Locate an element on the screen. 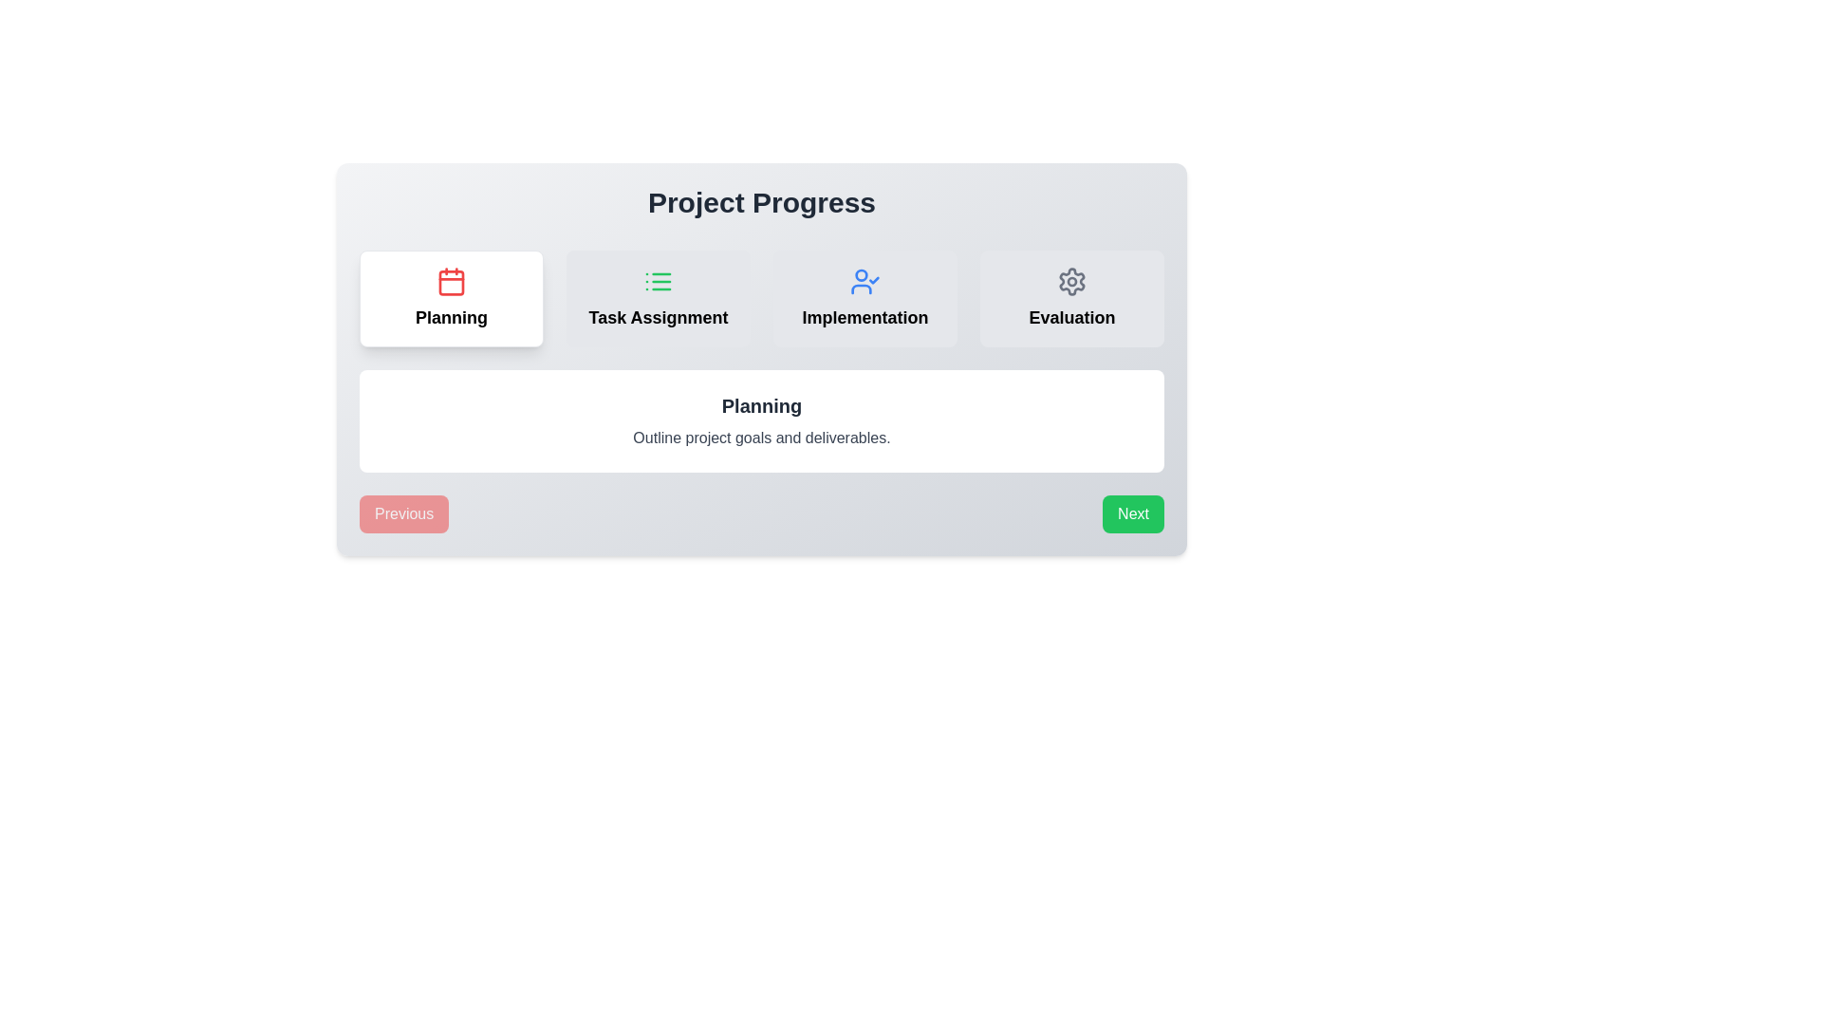 This screenshot has width=1822, height=1025. the TextLabel displaying 'Task Assignment', which is centrally aligned and located between the 'Planning' and 'Implementation' sections in the 'Project Progress' interface is located at coordinates (659, 317).